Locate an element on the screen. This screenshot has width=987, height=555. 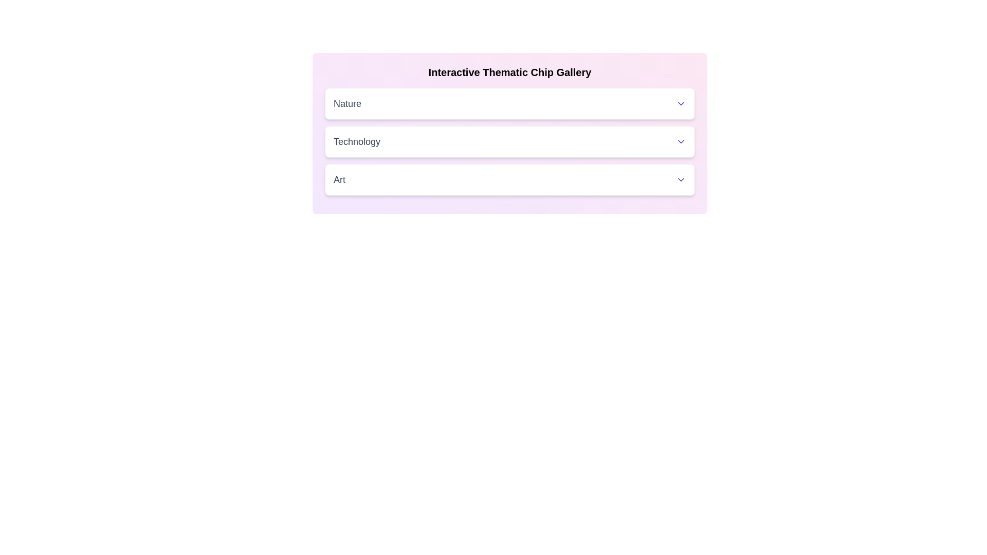
the Nature title to expand its section is located at coordinates (510, 103).